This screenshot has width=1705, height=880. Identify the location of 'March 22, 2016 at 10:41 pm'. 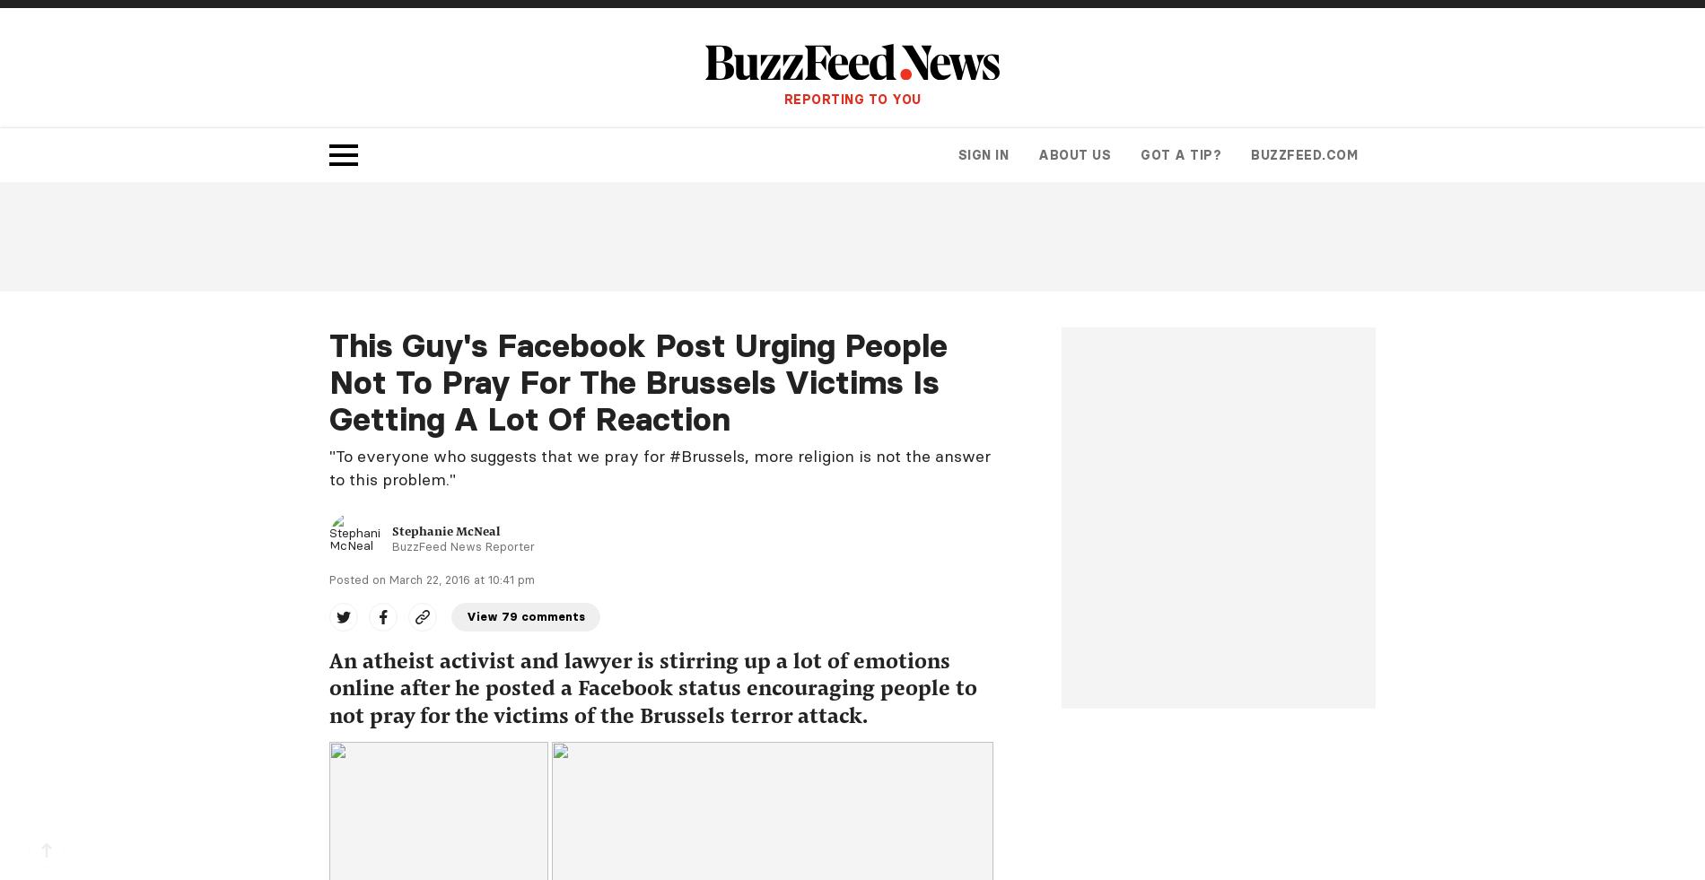
(462, 579).